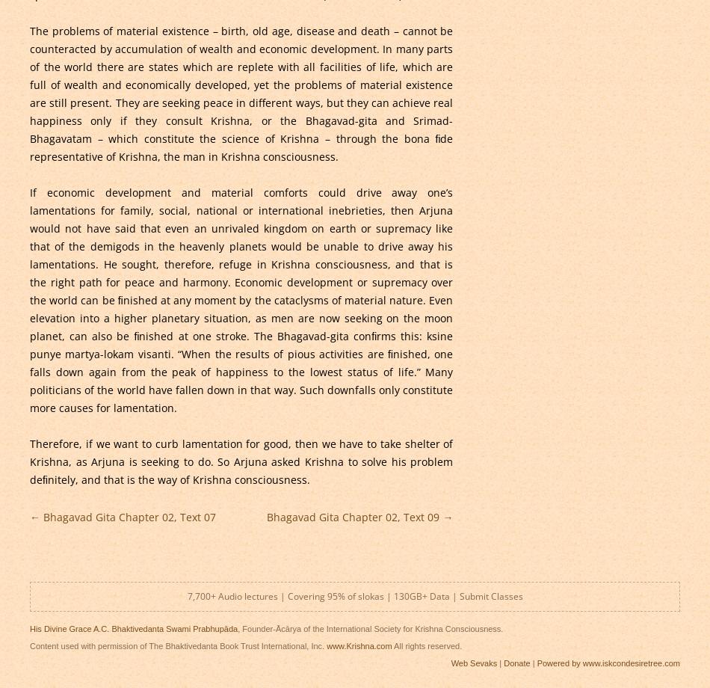  Describe the element at coordinates (240, 460) in the screenshot. I see `'Therefore, if we want to curb lamentation for good, then we have to take shelter of Krishna, as Arjuna is seeking to do. So Arjuna asked Krishna to solve his problem deﬁnitely, and that is the way of Krishna consciousness.'` at that location.